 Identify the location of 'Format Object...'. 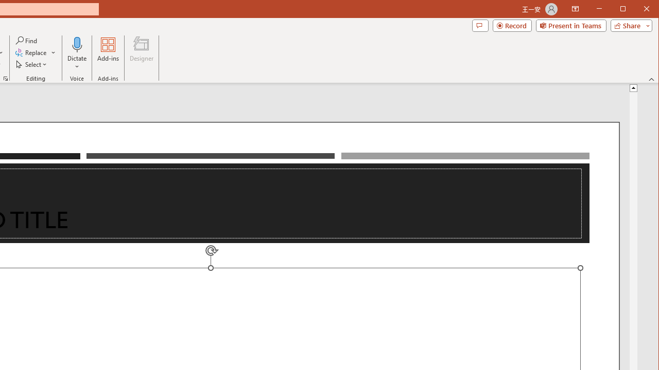
(5, 78).